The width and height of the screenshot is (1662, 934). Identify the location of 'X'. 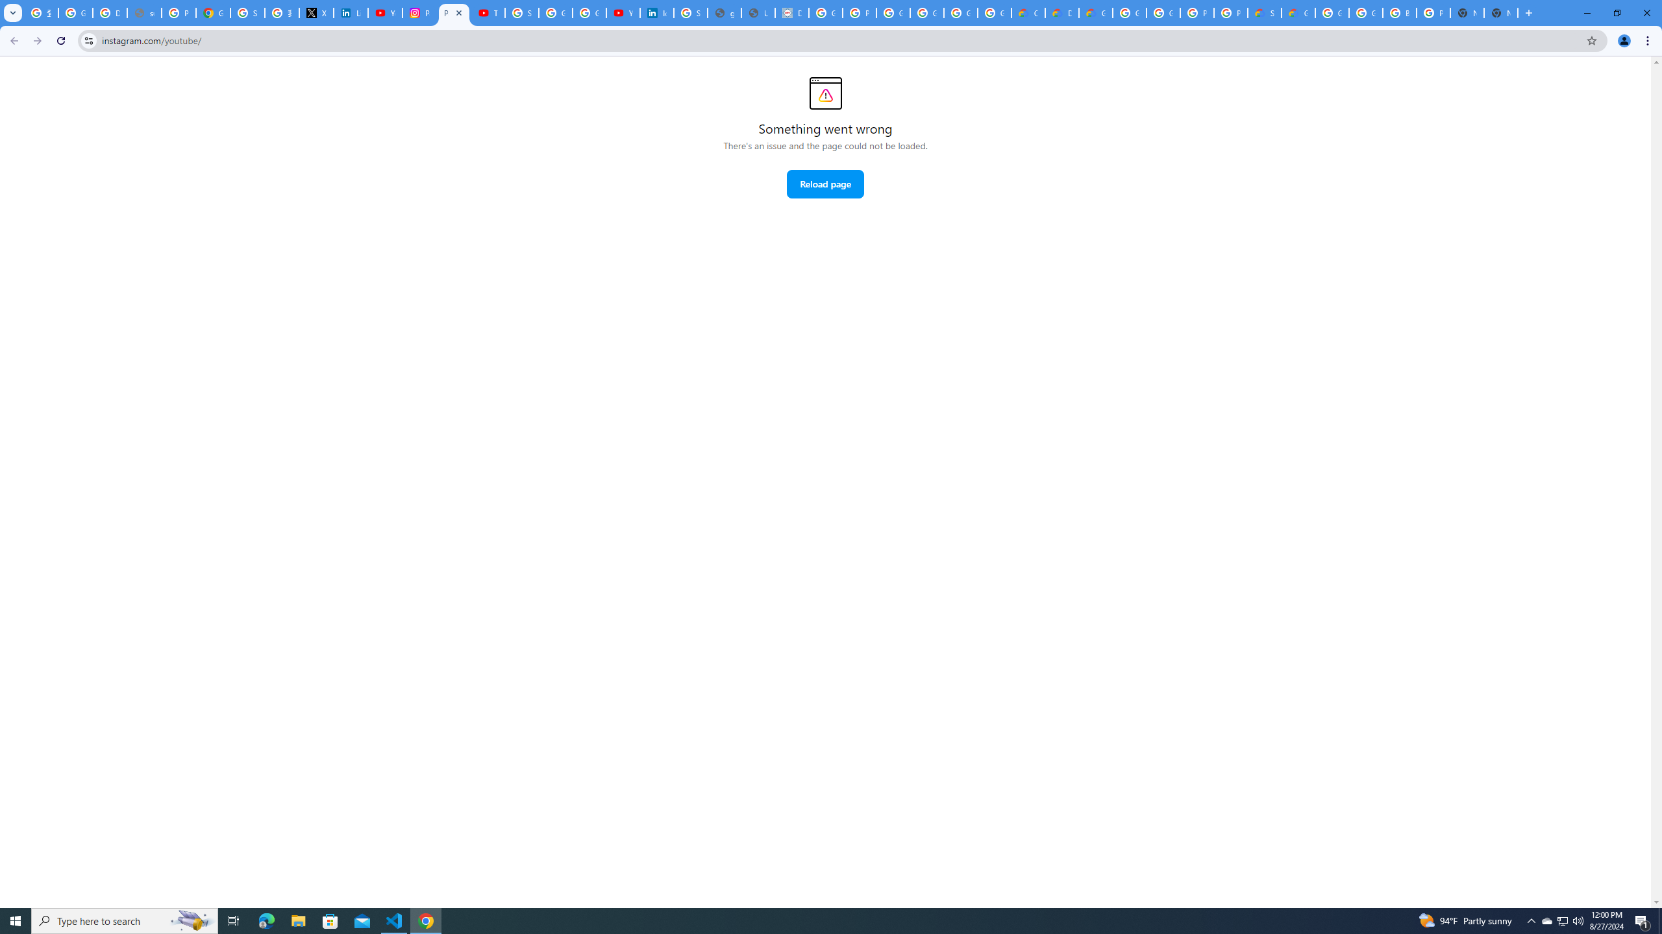
(316, 12).